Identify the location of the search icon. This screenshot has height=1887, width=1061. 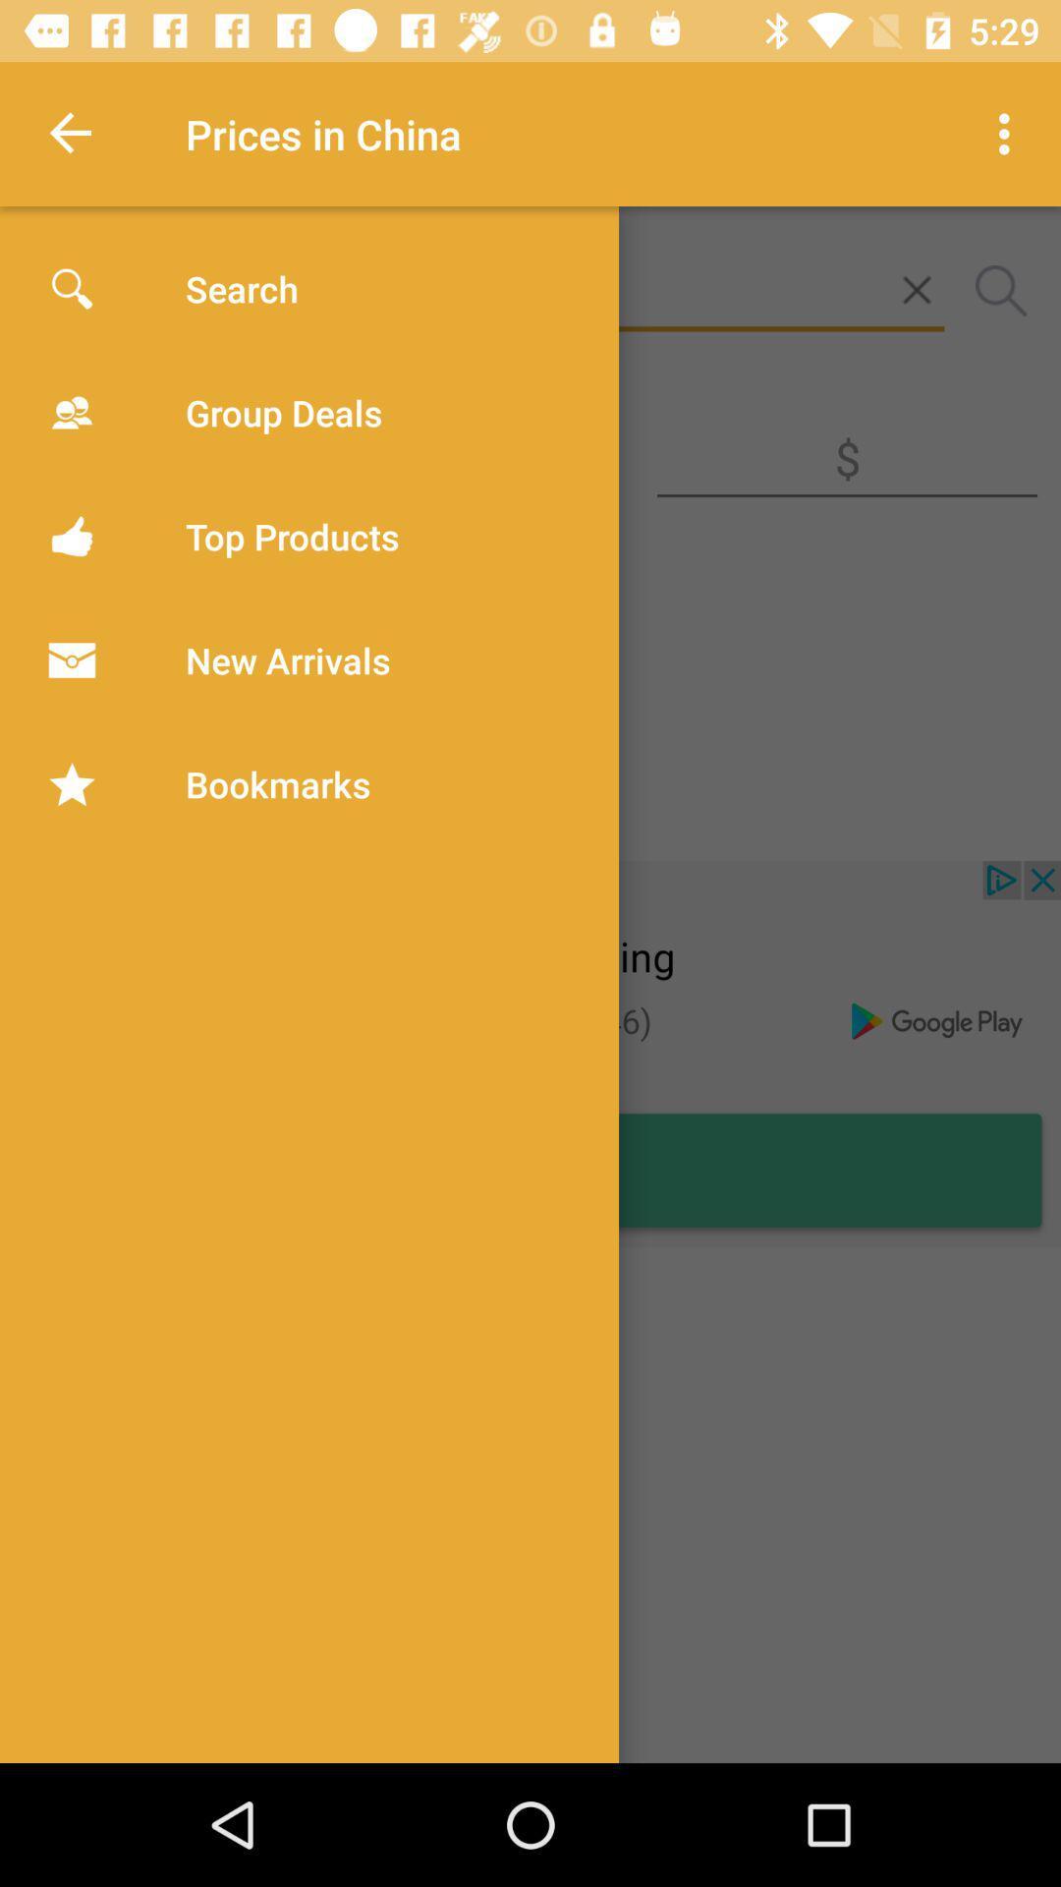
(1001, 290).